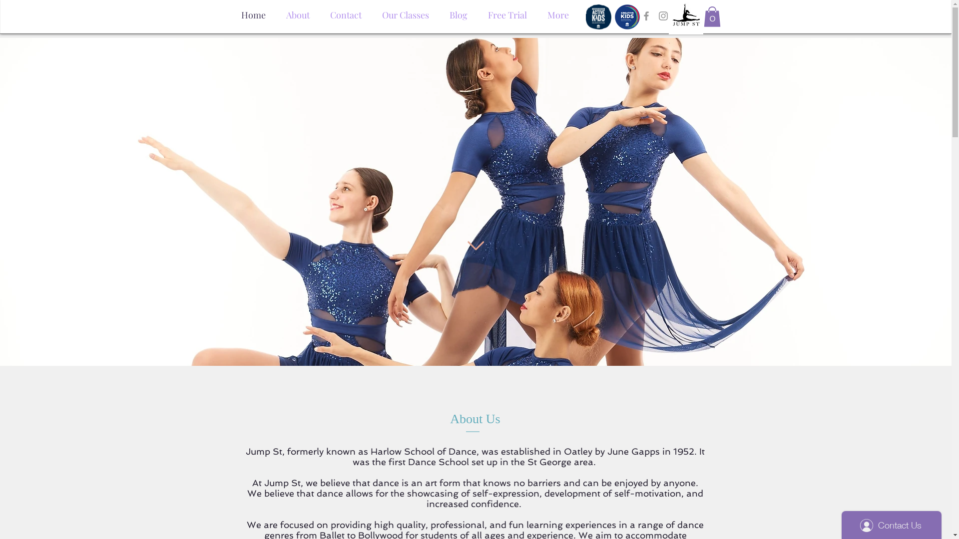  I want to click on 'Contact', so click(345, 12).